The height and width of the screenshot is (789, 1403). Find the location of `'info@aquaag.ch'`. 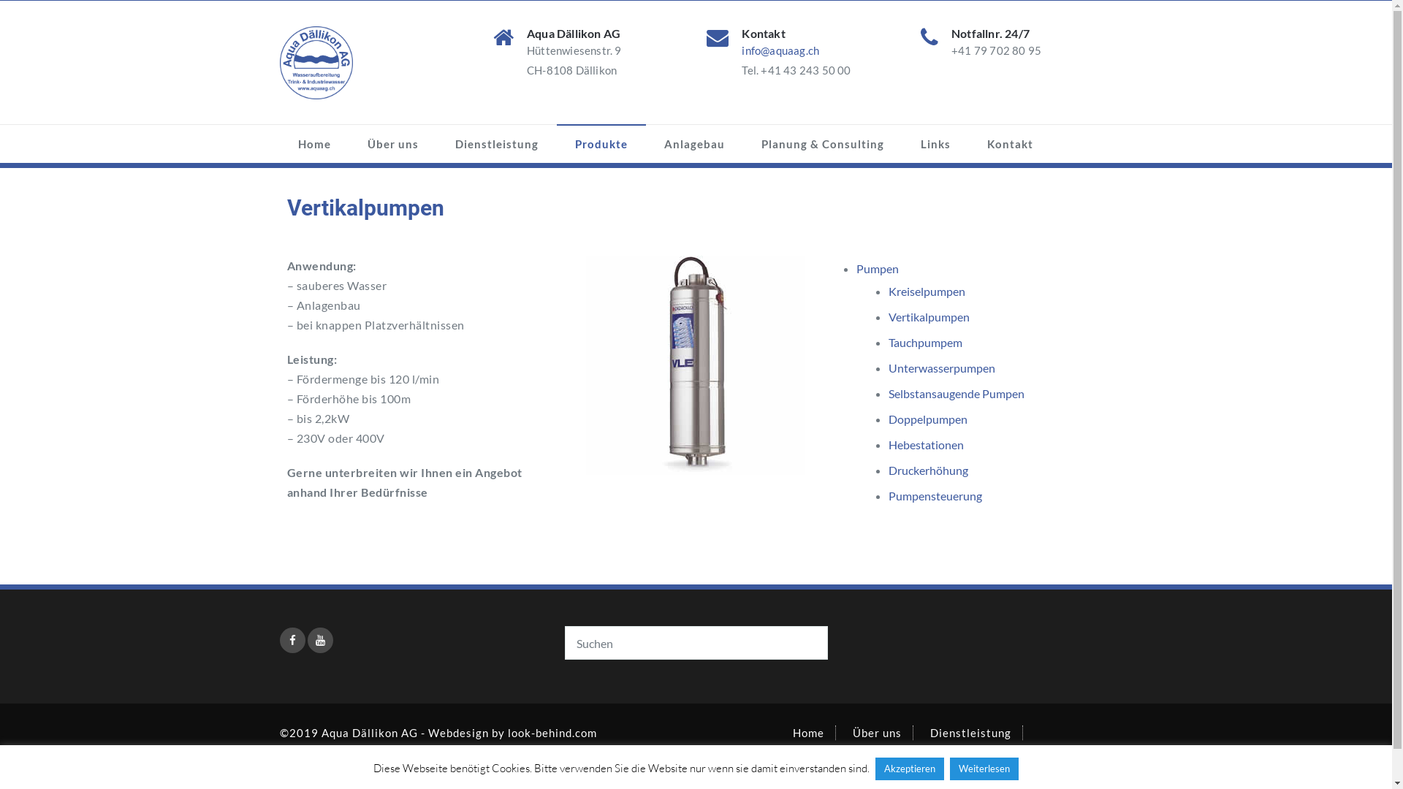

'info@aquaag.ch' is located at coordinates (780, 50).